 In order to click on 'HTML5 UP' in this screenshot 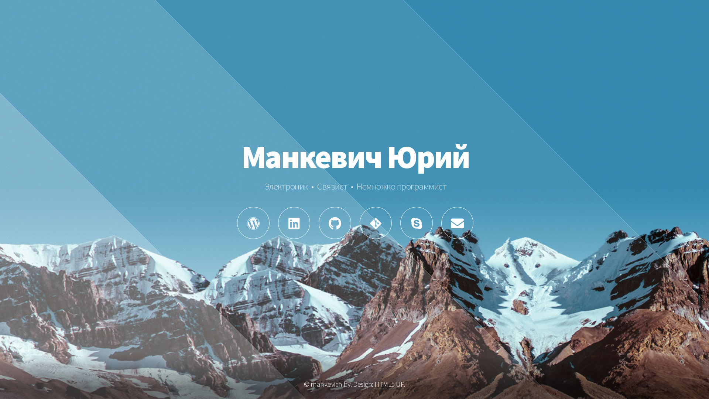, I will do `click(388, 384)`.